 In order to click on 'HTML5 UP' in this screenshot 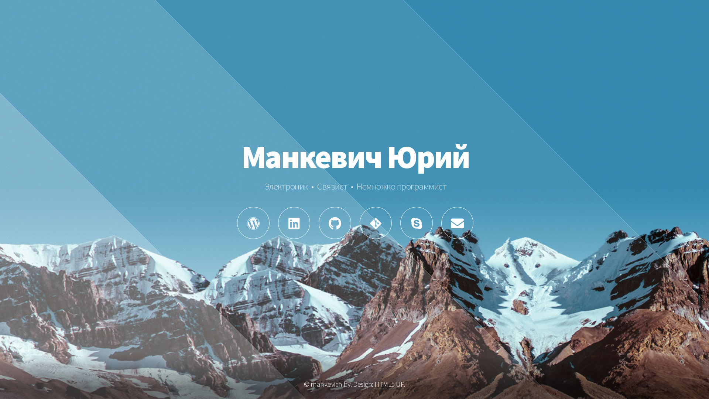, I will do `click(388, 384)`.